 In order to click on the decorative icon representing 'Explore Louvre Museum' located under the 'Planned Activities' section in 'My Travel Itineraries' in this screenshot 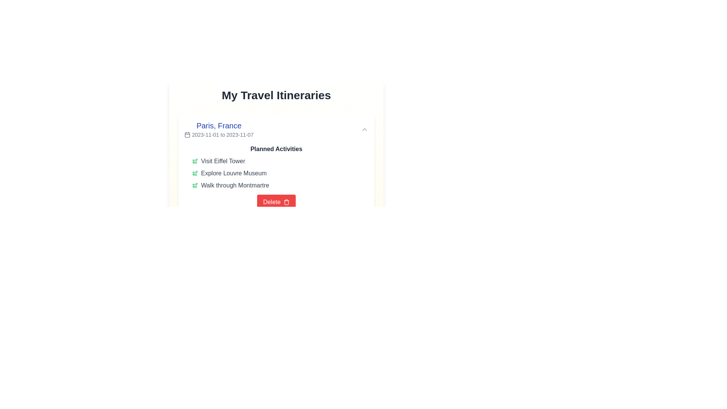, I will do `click(195, 161)`.